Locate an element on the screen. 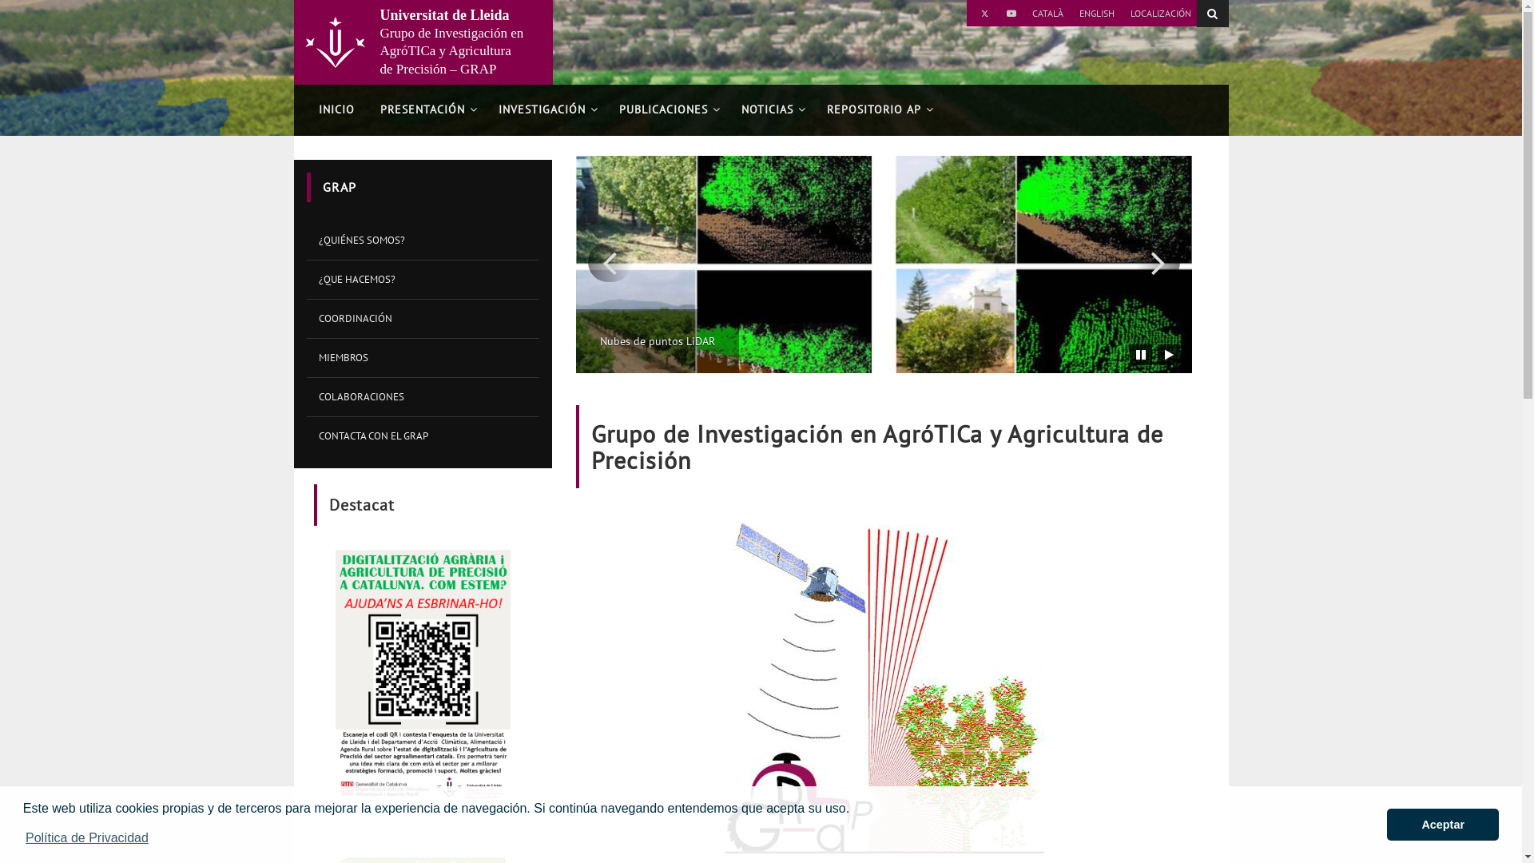 The image size is (1534, 863). 'MIEMBROS' is located at coordinates (423, 356).